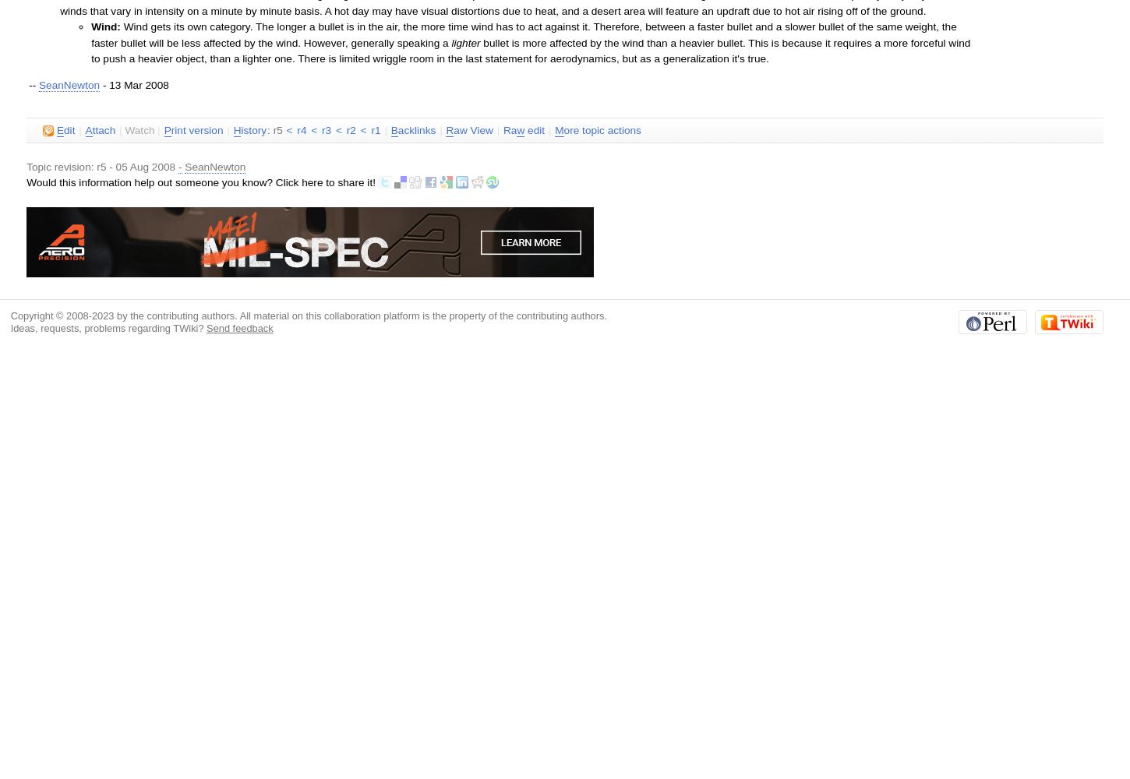 This screenshot has width=1130, height=779. What do you see at coordinates (253, 129) in the screenshot?
I see `'istory'` at bounding box center [253, 129].